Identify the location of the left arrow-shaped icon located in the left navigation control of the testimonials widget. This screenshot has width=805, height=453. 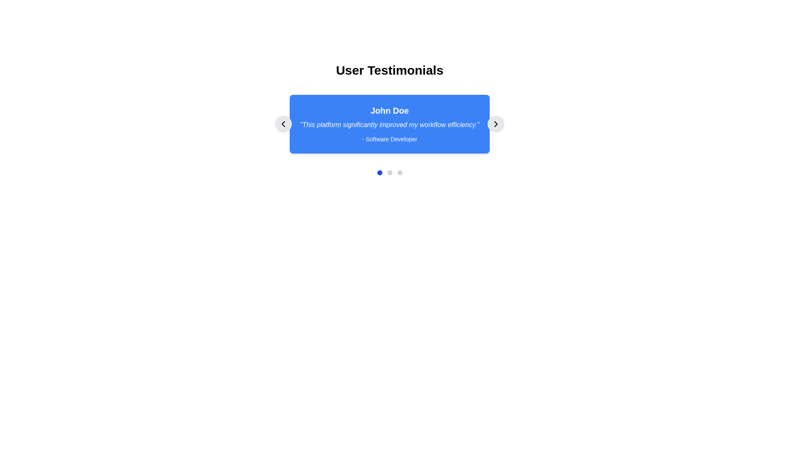
(283, 124).